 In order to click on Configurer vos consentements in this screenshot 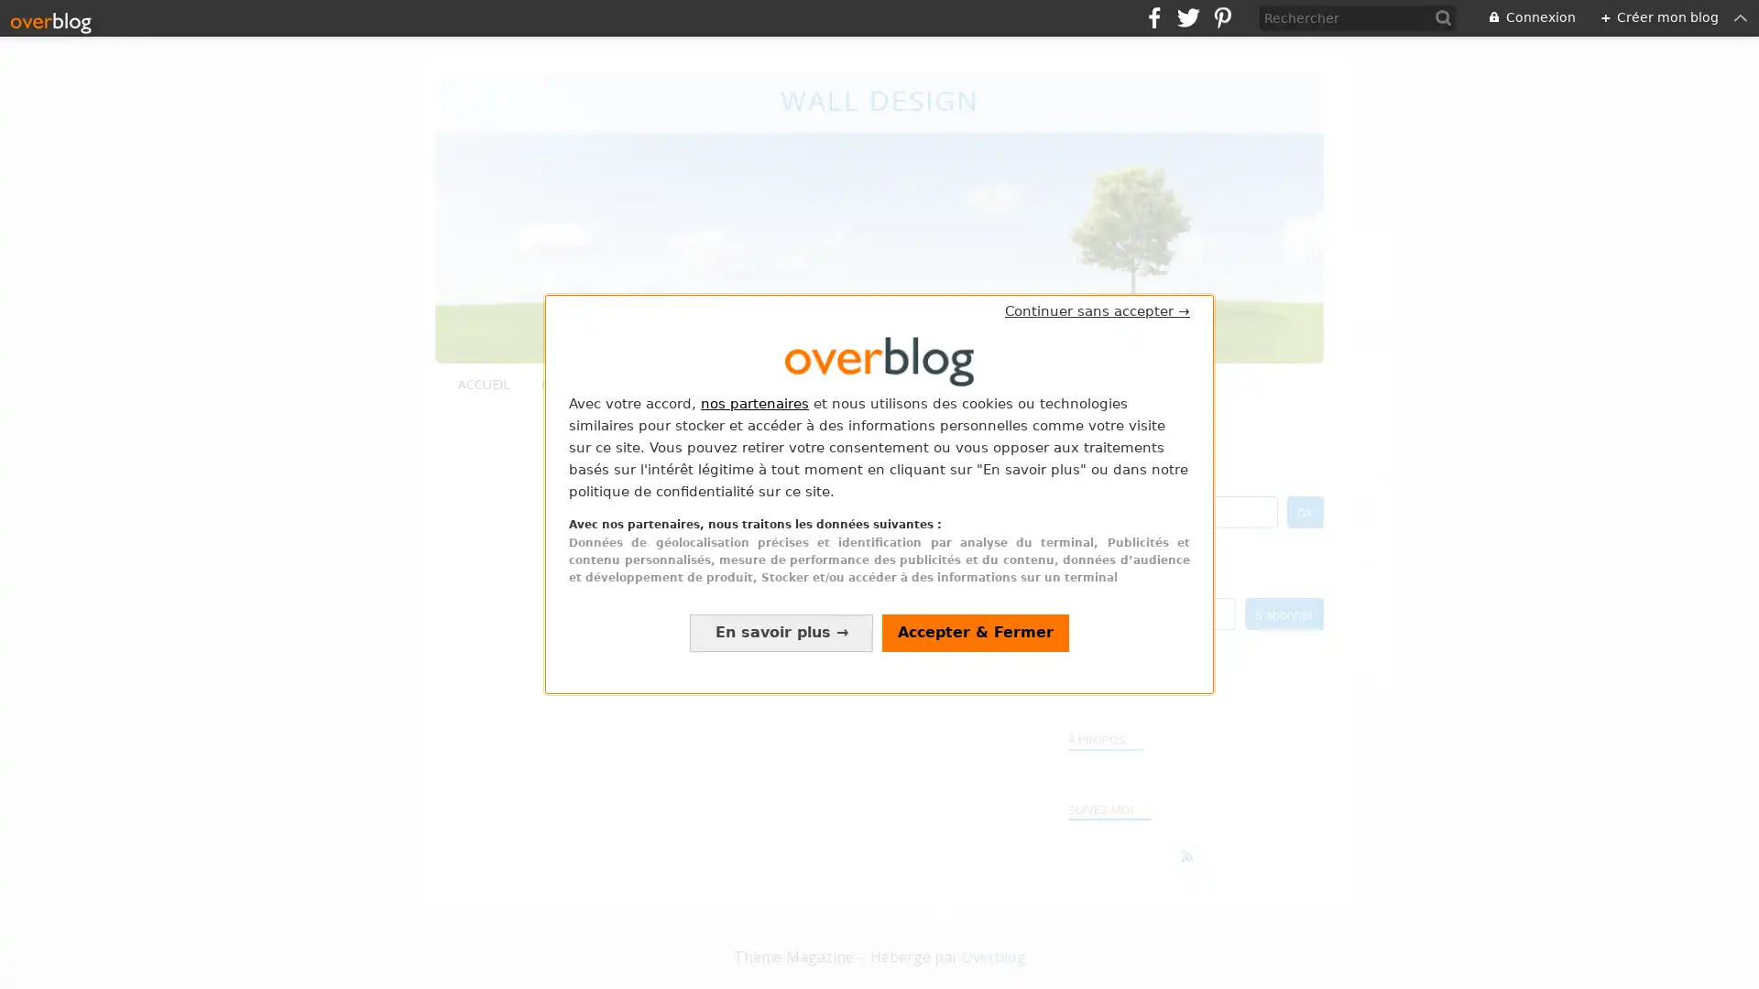, I will do `click(781, 631)`.